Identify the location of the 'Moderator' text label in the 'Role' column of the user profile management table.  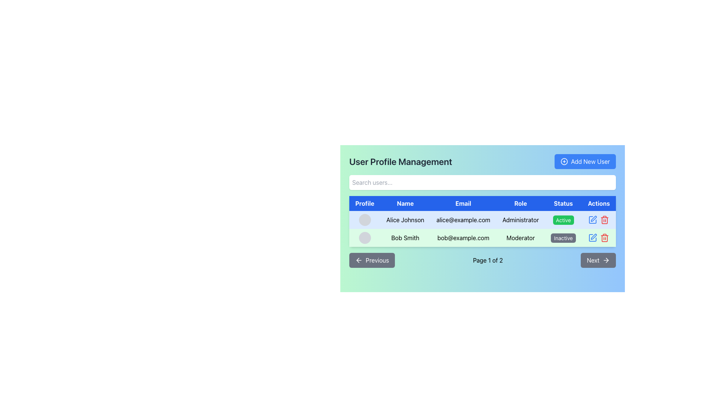
(520, 238).